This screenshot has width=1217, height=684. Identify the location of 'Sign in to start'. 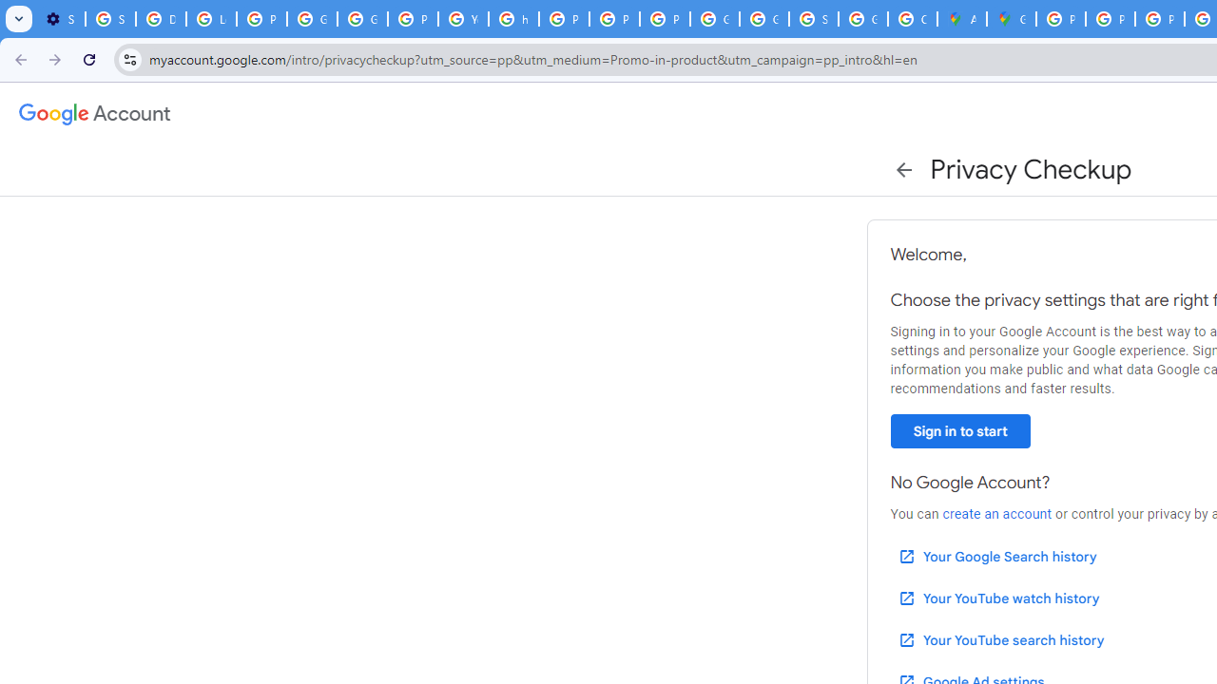
(959, 431).